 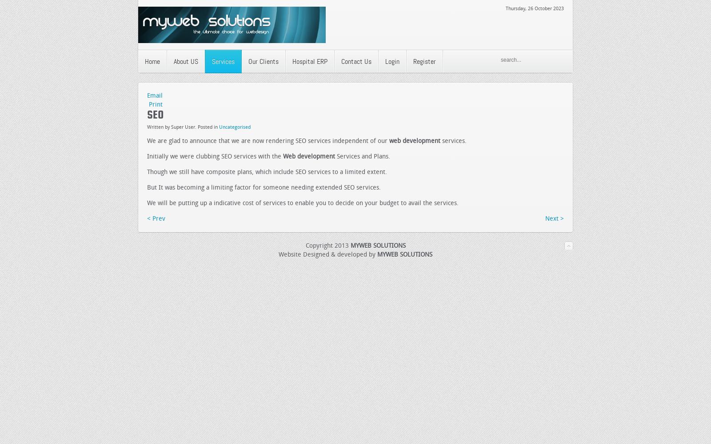 What do you see at coordinates (414, 140) in the screenshot?
I see `'web development'` at bounding box center [414, 140].